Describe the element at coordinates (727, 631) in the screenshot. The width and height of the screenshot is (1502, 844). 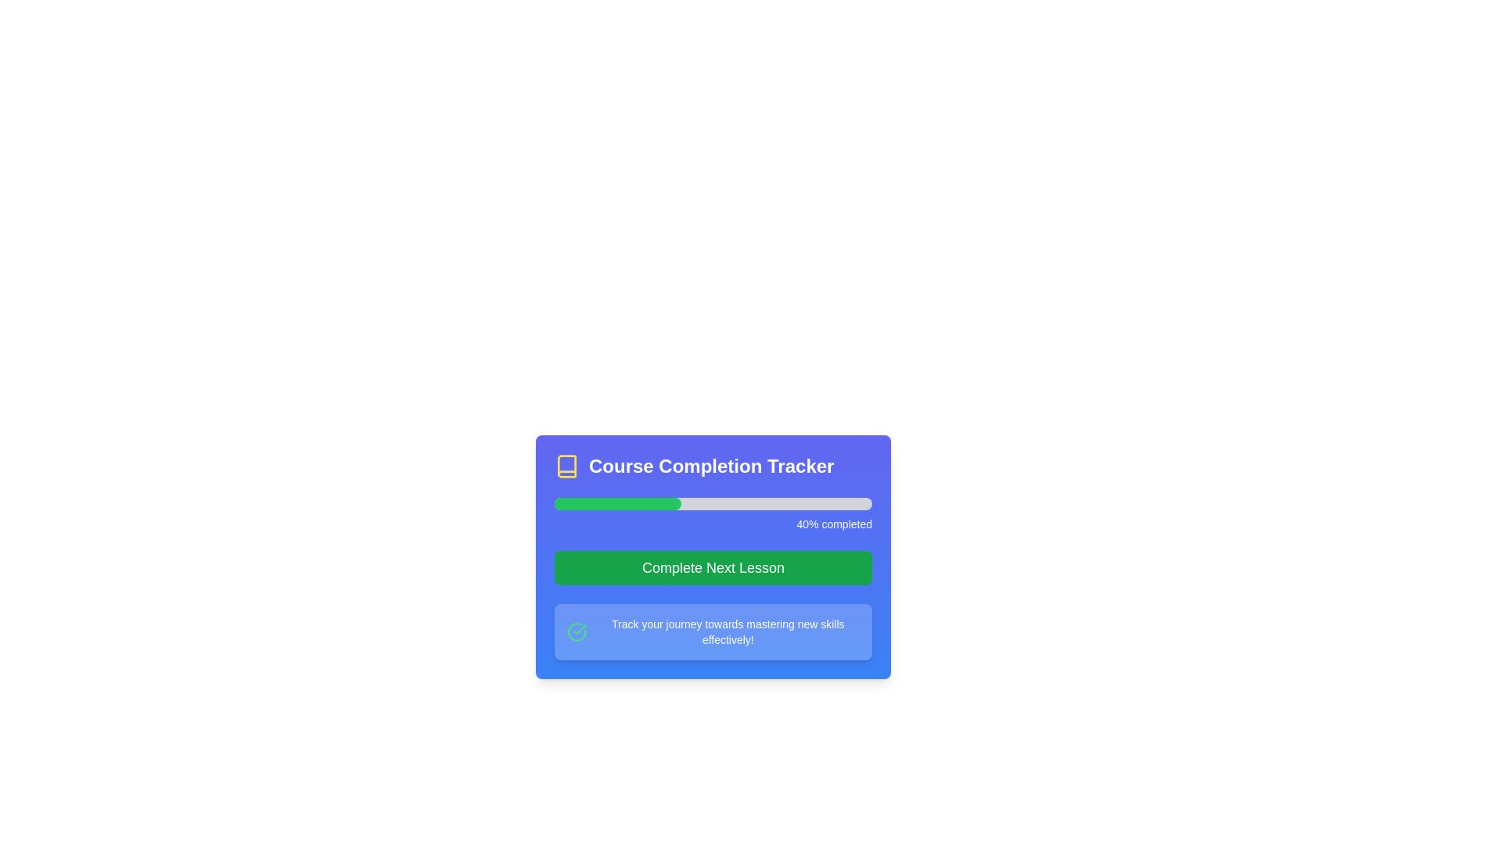
I see `the informative text label located to the right of the green circular icon with a checkmark at the bottom of the interface` at that location.